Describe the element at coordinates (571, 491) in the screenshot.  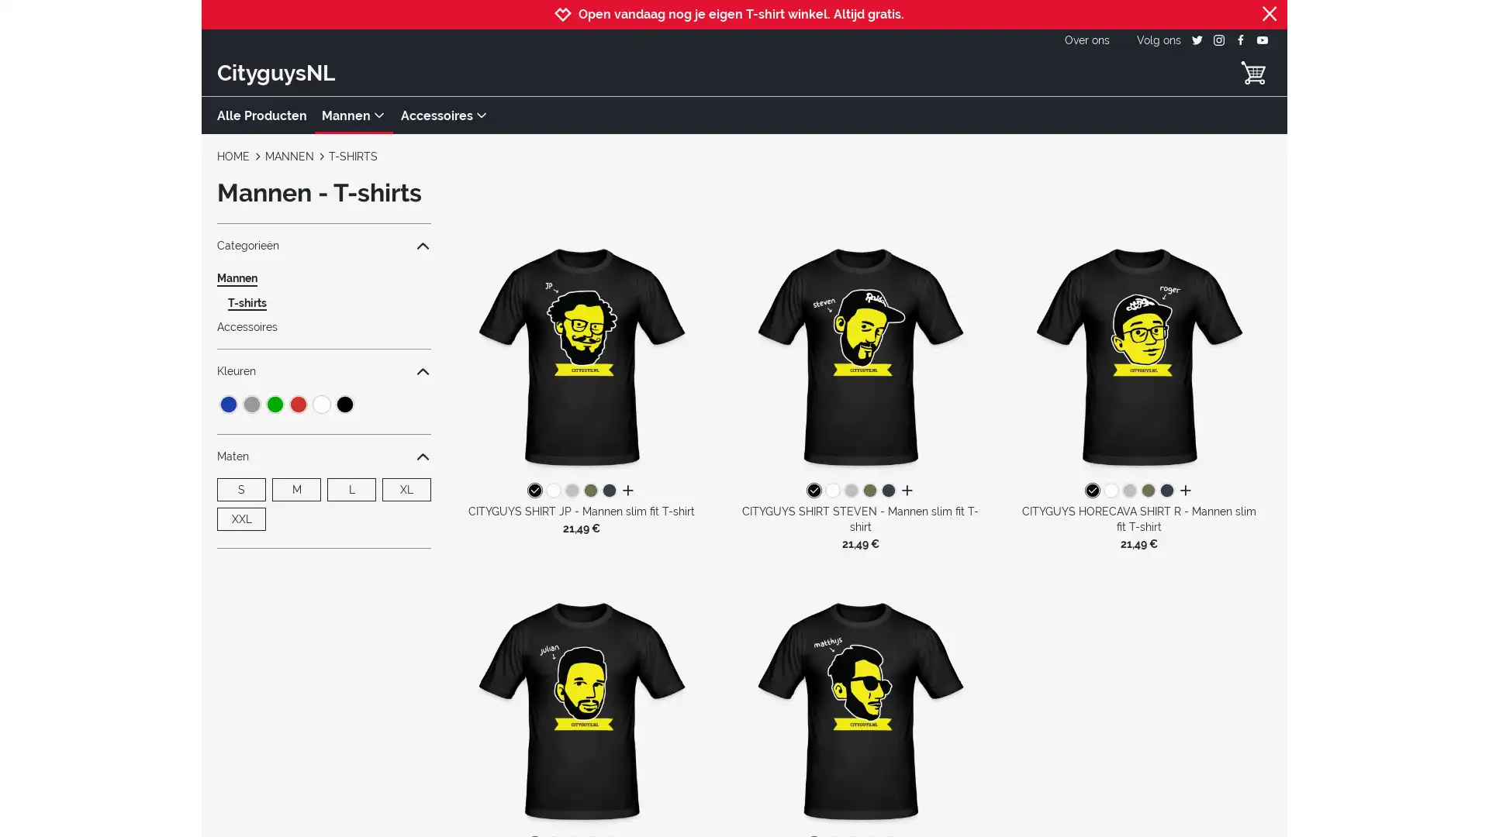
I see `grijs gemeleerd` at that location.